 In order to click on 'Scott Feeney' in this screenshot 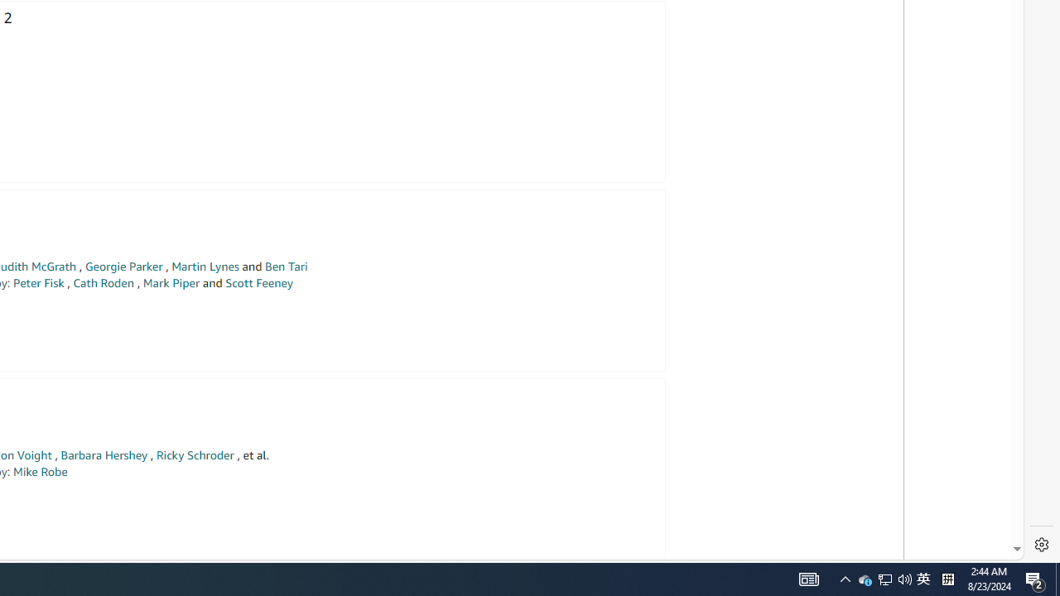, I will do `click(258, 282)`.